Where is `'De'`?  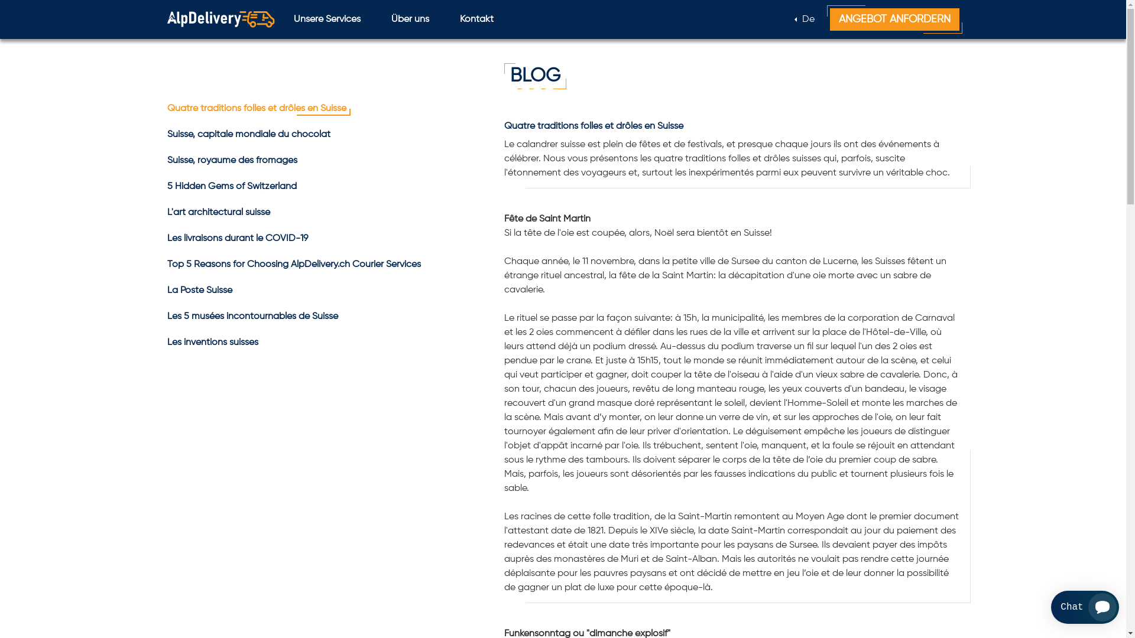
'De' is located at coordinates (804, 19).